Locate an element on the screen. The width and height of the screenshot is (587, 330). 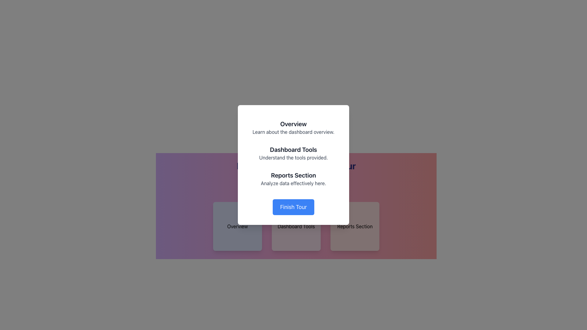
the first static informational card in the 'Overview' section, which serves as a placeholder for navigation and information is located at coordinates (237, 226).